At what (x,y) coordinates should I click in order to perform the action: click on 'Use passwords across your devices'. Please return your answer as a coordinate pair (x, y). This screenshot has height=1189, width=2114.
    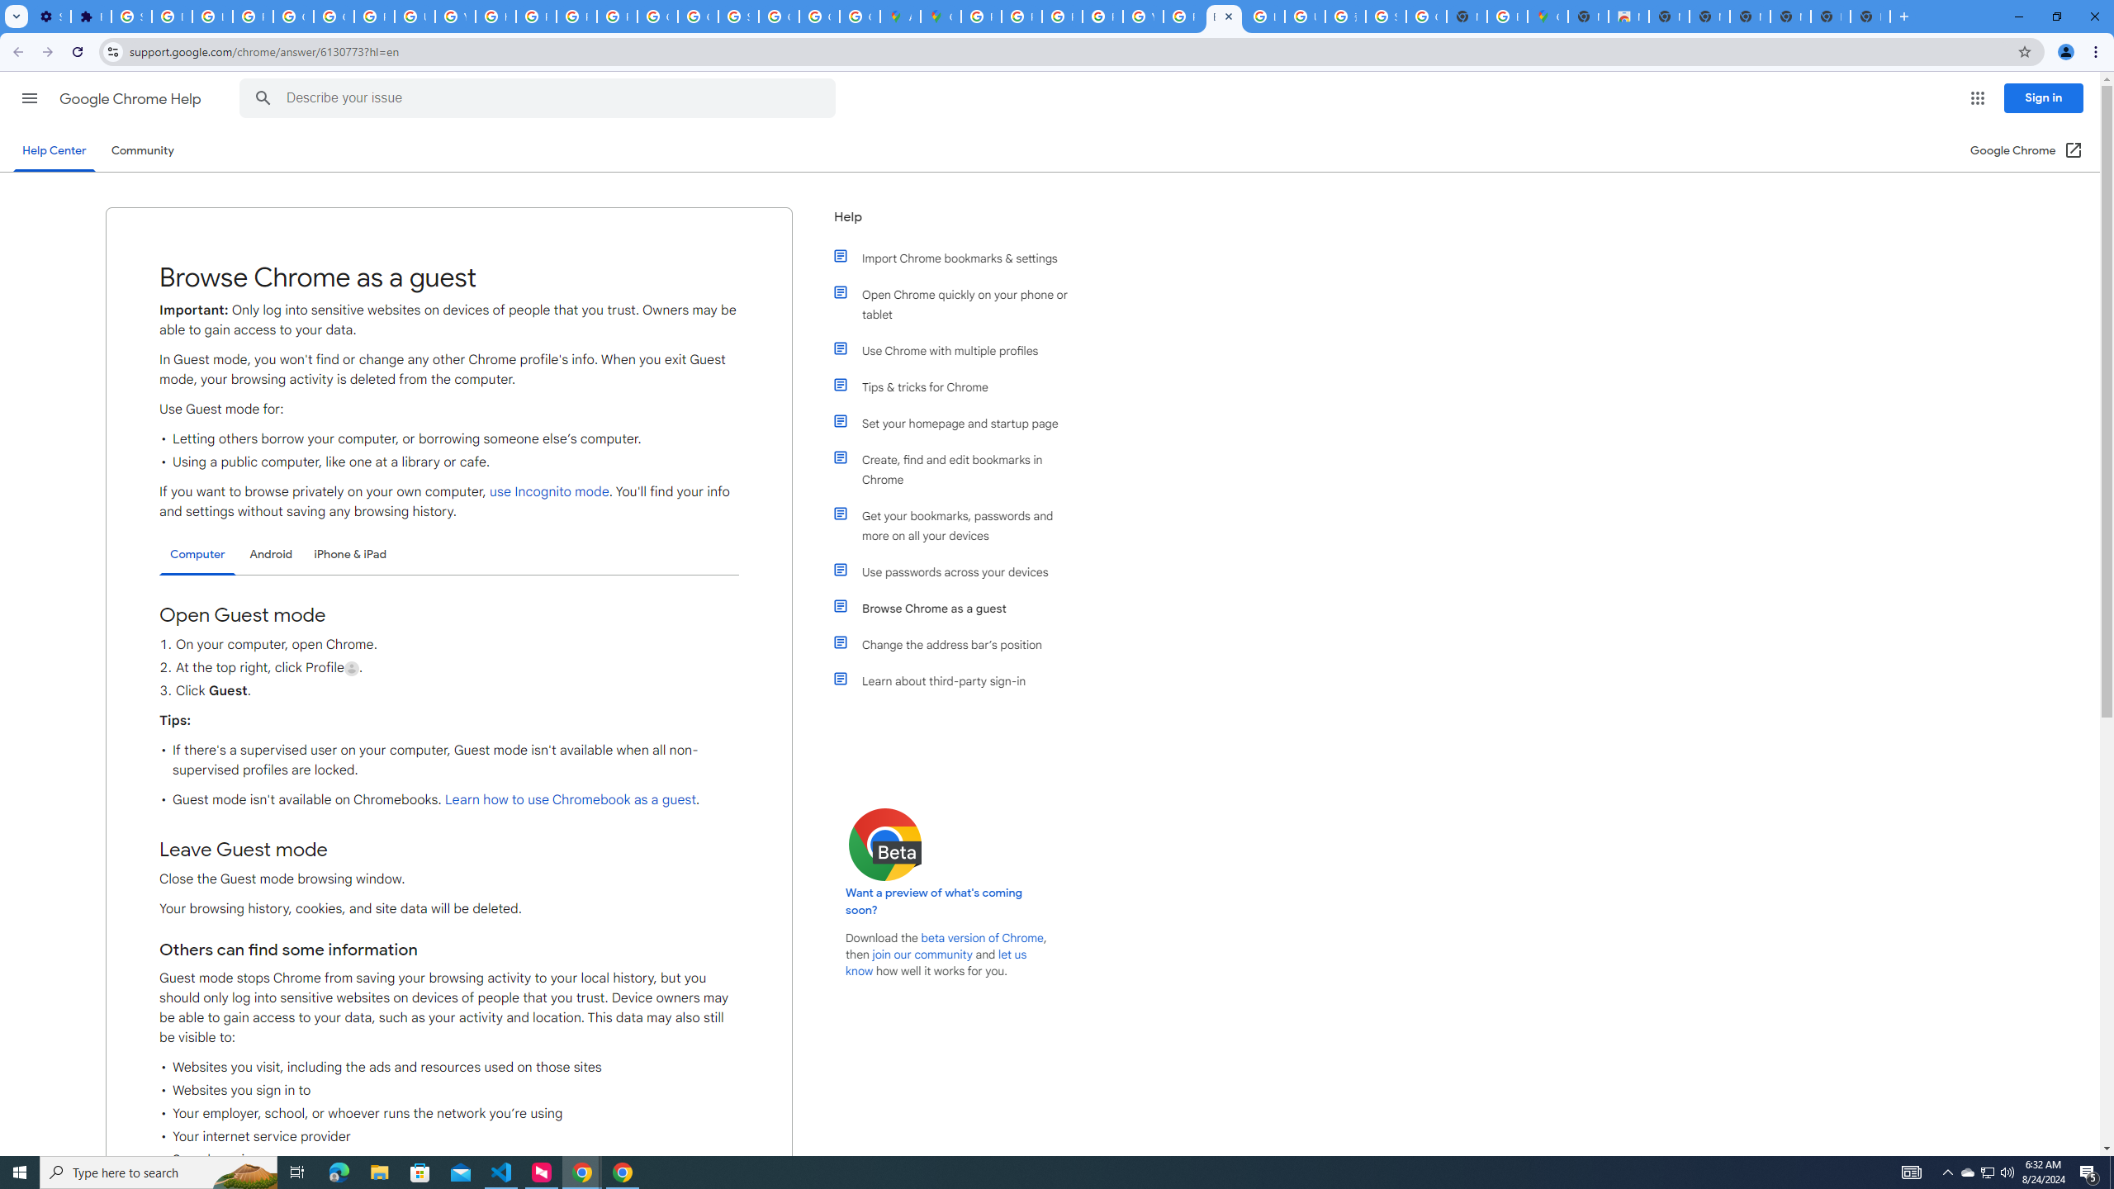
    Looking at the image, I should click on (960, 572).